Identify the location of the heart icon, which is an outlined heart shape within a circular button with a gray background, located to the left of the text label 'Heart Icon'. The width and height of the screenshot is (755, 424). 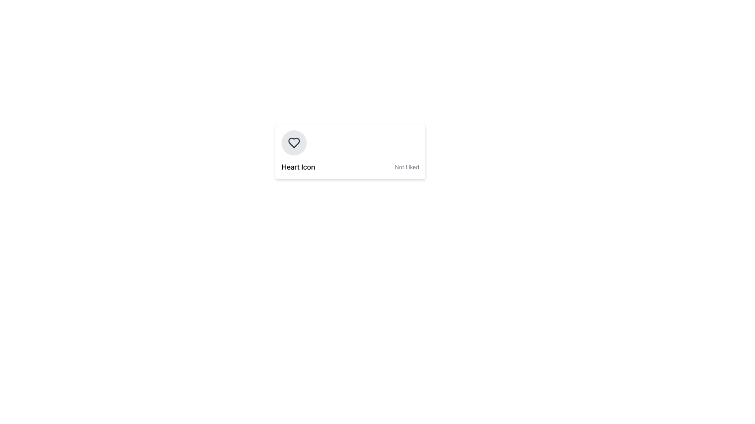
(294, 143).